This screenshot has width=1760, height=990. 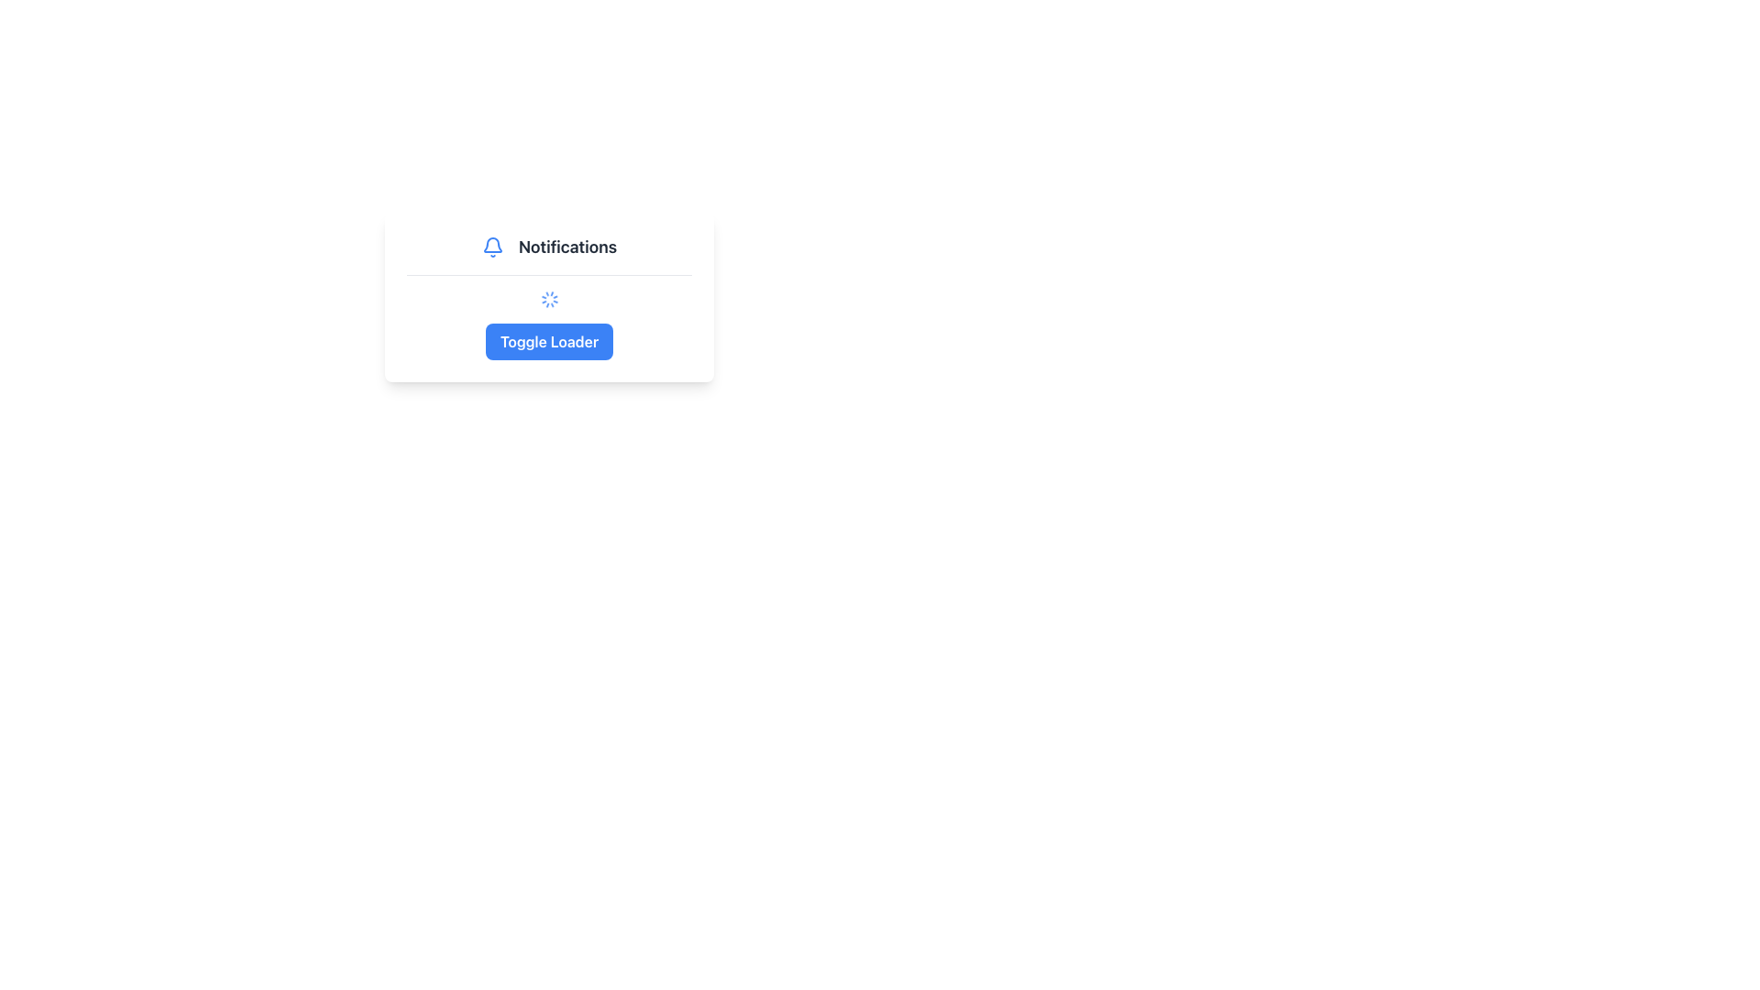 What do you see at coordinates (548, 299) in the screenshot?
I see `the loading animation of the small blue spinning loader icon located at the center of the card, directly below the horizontal divider line` at bounding box center [548, 299].